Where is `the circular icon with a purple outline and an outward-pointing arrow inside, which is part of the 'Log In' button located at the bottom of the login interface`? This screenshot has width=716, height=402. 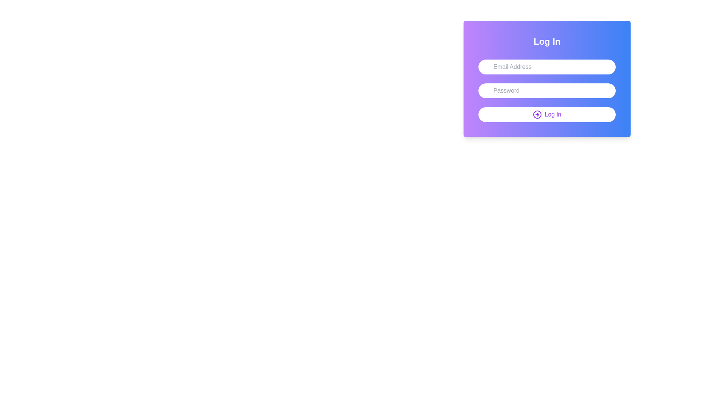
the circular icon with a purple outline and an outward-pointing arrow inside, which is part of the 'Log In' button located at the bottom of the login interface is located at coordinates (537, 115).